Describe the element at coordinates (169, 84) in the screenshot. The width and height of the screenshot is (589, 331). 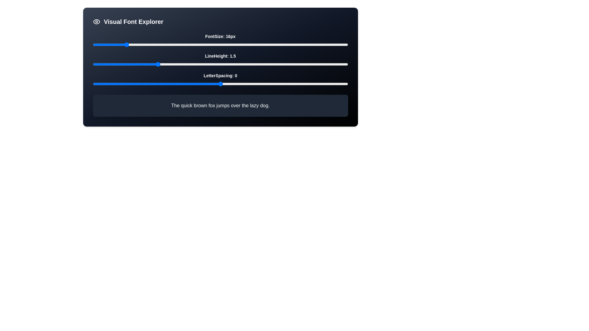
I see `the letter spacing slider to -2 value` at that location.